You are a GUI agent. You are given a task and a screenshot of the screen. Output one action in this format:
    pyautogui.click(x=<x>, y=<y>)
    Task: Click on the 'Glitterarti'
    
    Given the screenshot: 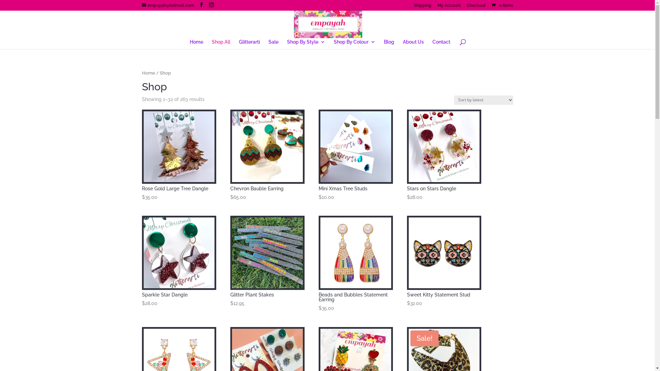 What is the action you would take?
    pyautogui.click(x=249, y=44)
    